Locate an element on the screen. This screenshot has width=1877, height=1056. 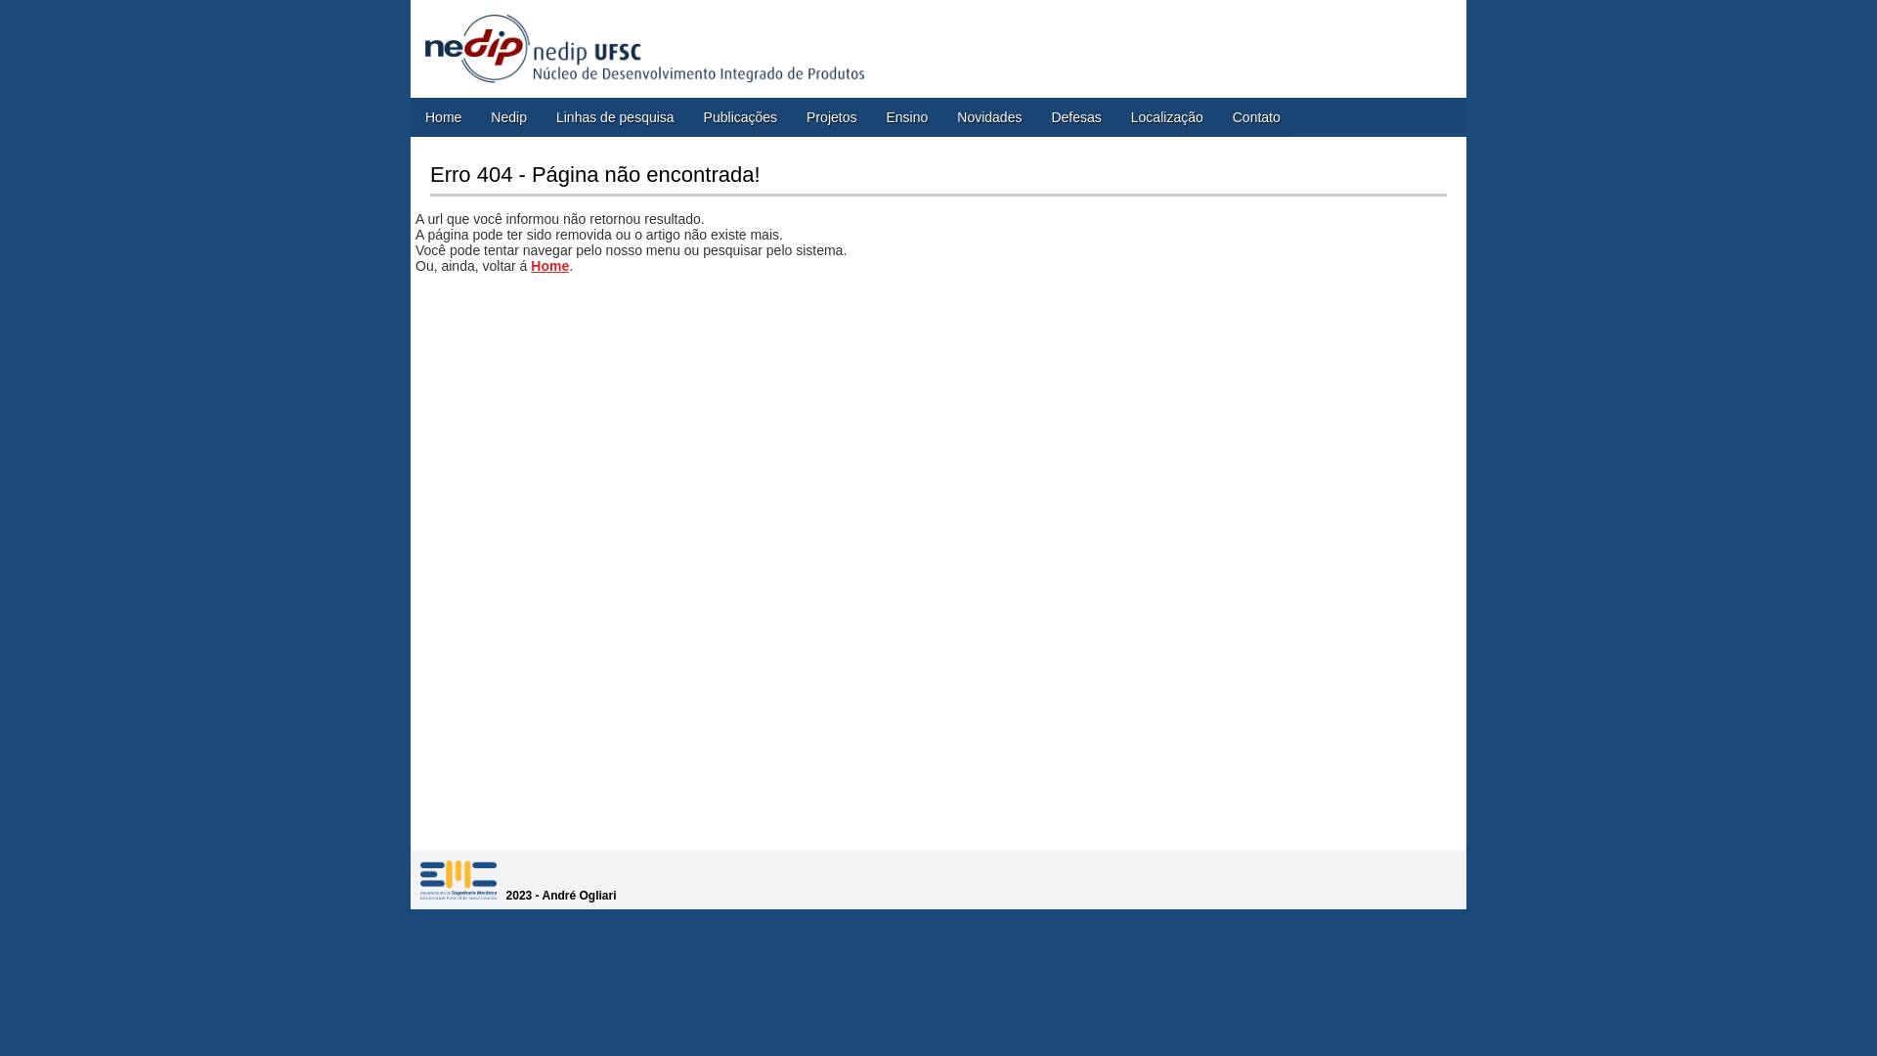
'Home' is located at coordinates (442, 116).